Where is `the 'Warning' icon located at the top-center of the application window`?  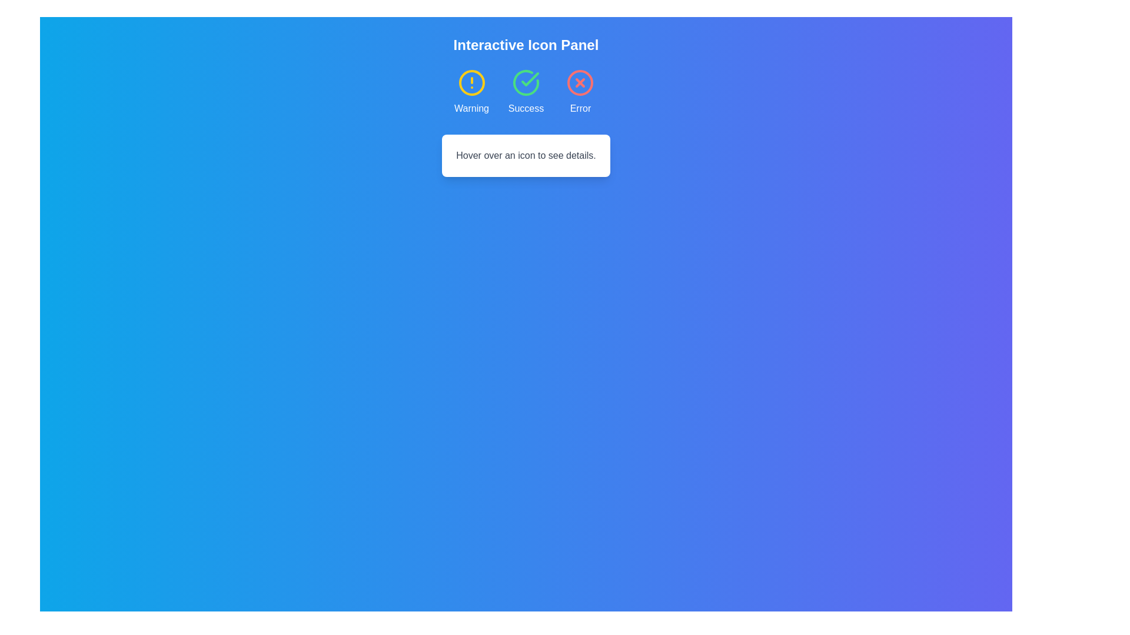
the 'Warning' icon located at the top-center of the application window is located at coordinates (471, 82).